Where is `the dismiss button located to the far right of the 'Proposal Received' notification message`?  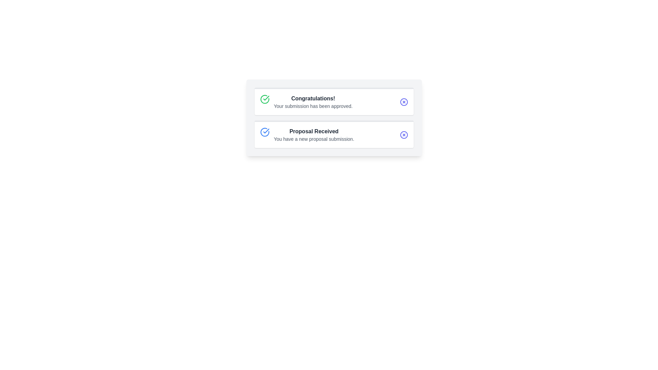 the dismiss button located to the far right of the 'Proposal Received' notification message is located at coordinates (404, 135).